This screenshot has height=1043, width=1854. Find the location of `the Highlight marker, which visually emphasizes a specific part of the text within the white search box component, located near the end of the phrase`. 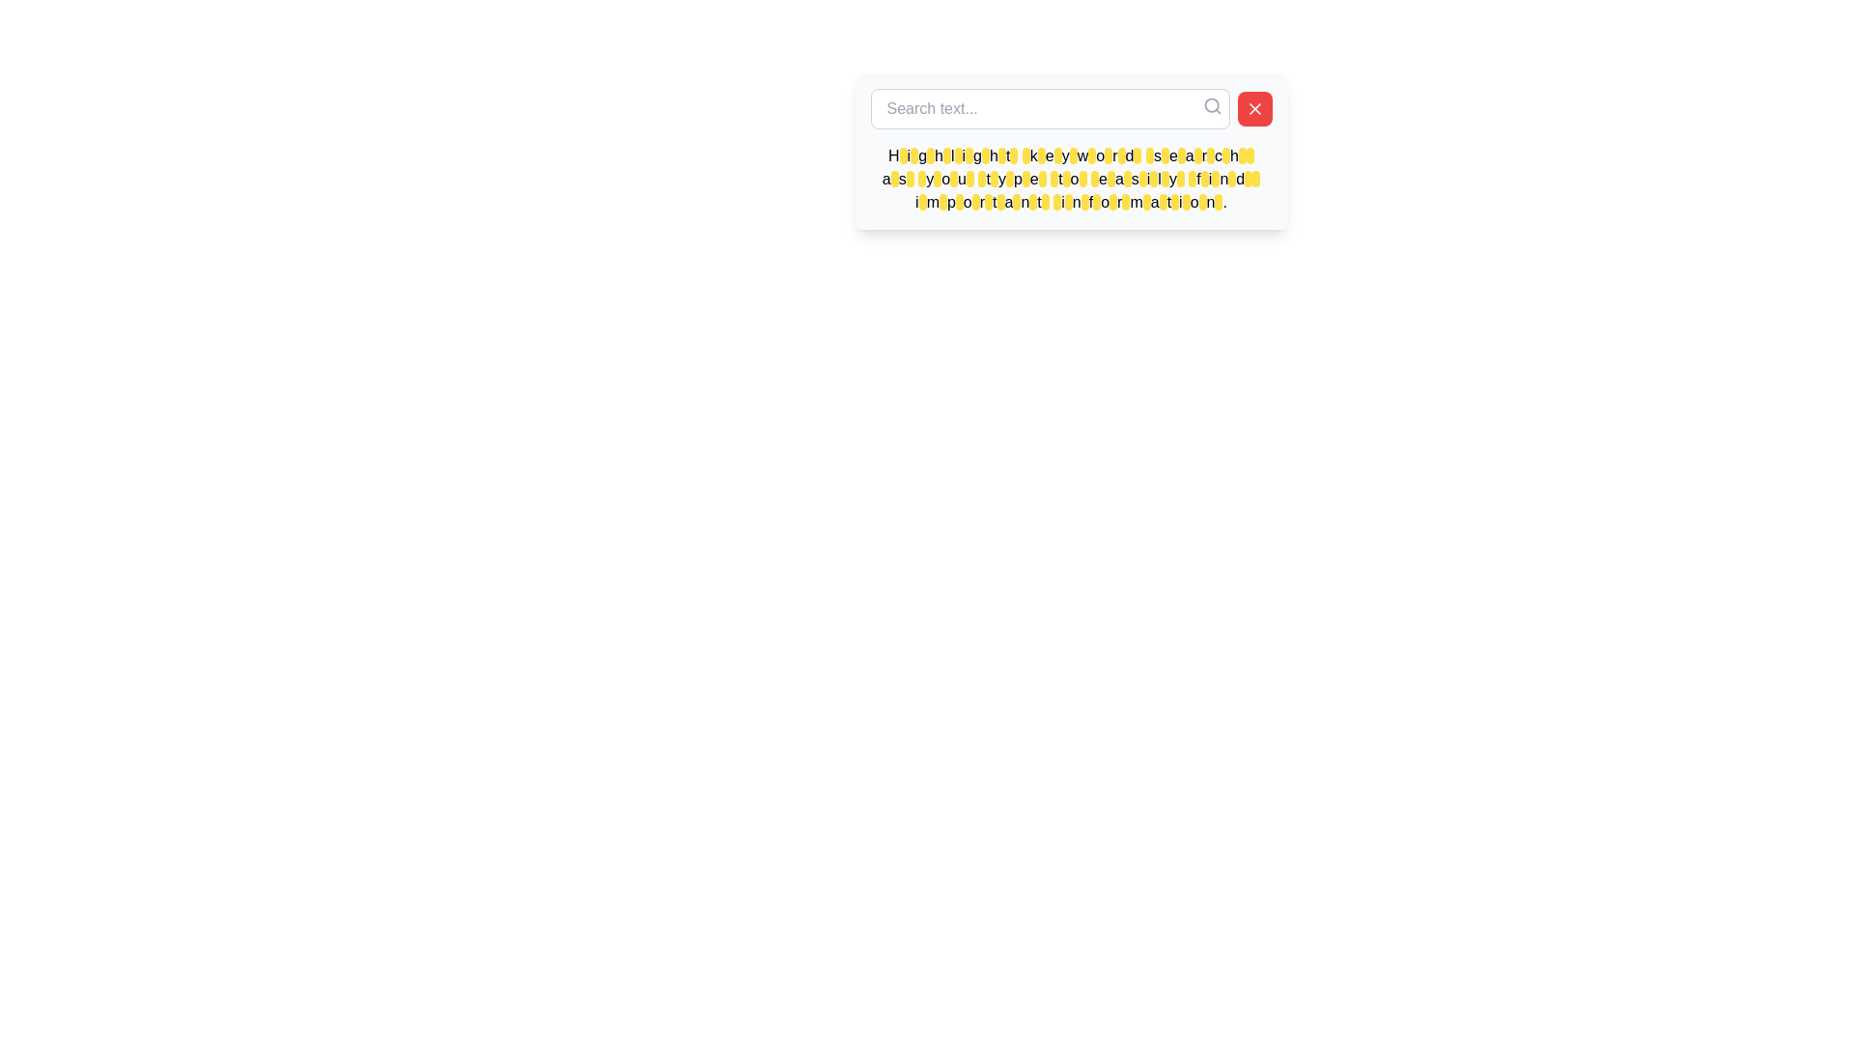

the Highlight marker, which visually emphasizes a specific part of the text within the white search box component, located near the end of the phrase is located at coordinates (1127, 179).